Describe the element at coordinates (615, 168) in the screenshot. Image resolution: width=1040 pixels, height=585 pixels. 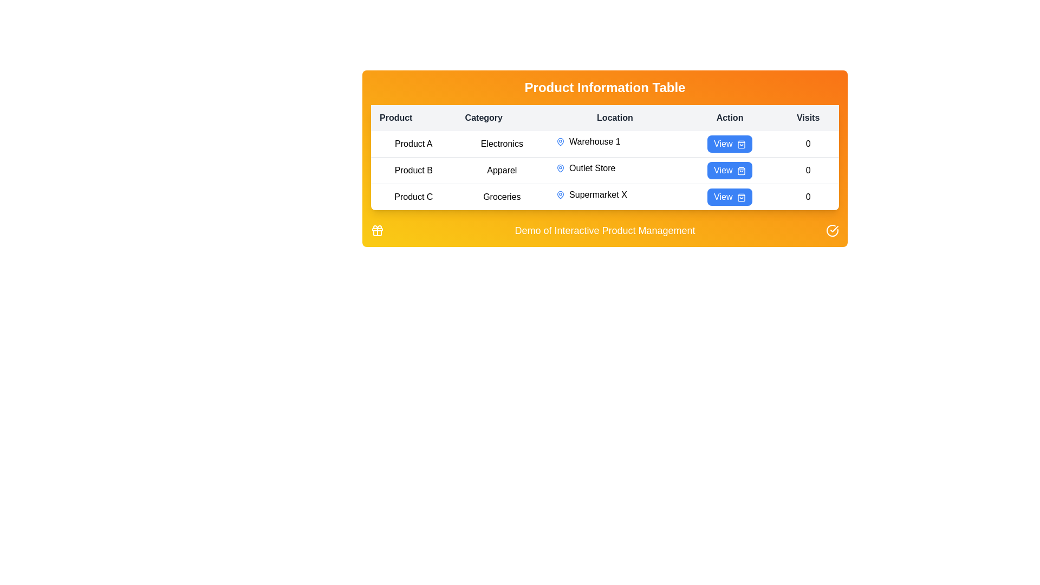
I see `the text label 'Outlet Store' with a location pin icon, which is located in the 'Location' column of the second row in the table, positioned next to 'Apparel' and preceding the 'View' button` at that location.